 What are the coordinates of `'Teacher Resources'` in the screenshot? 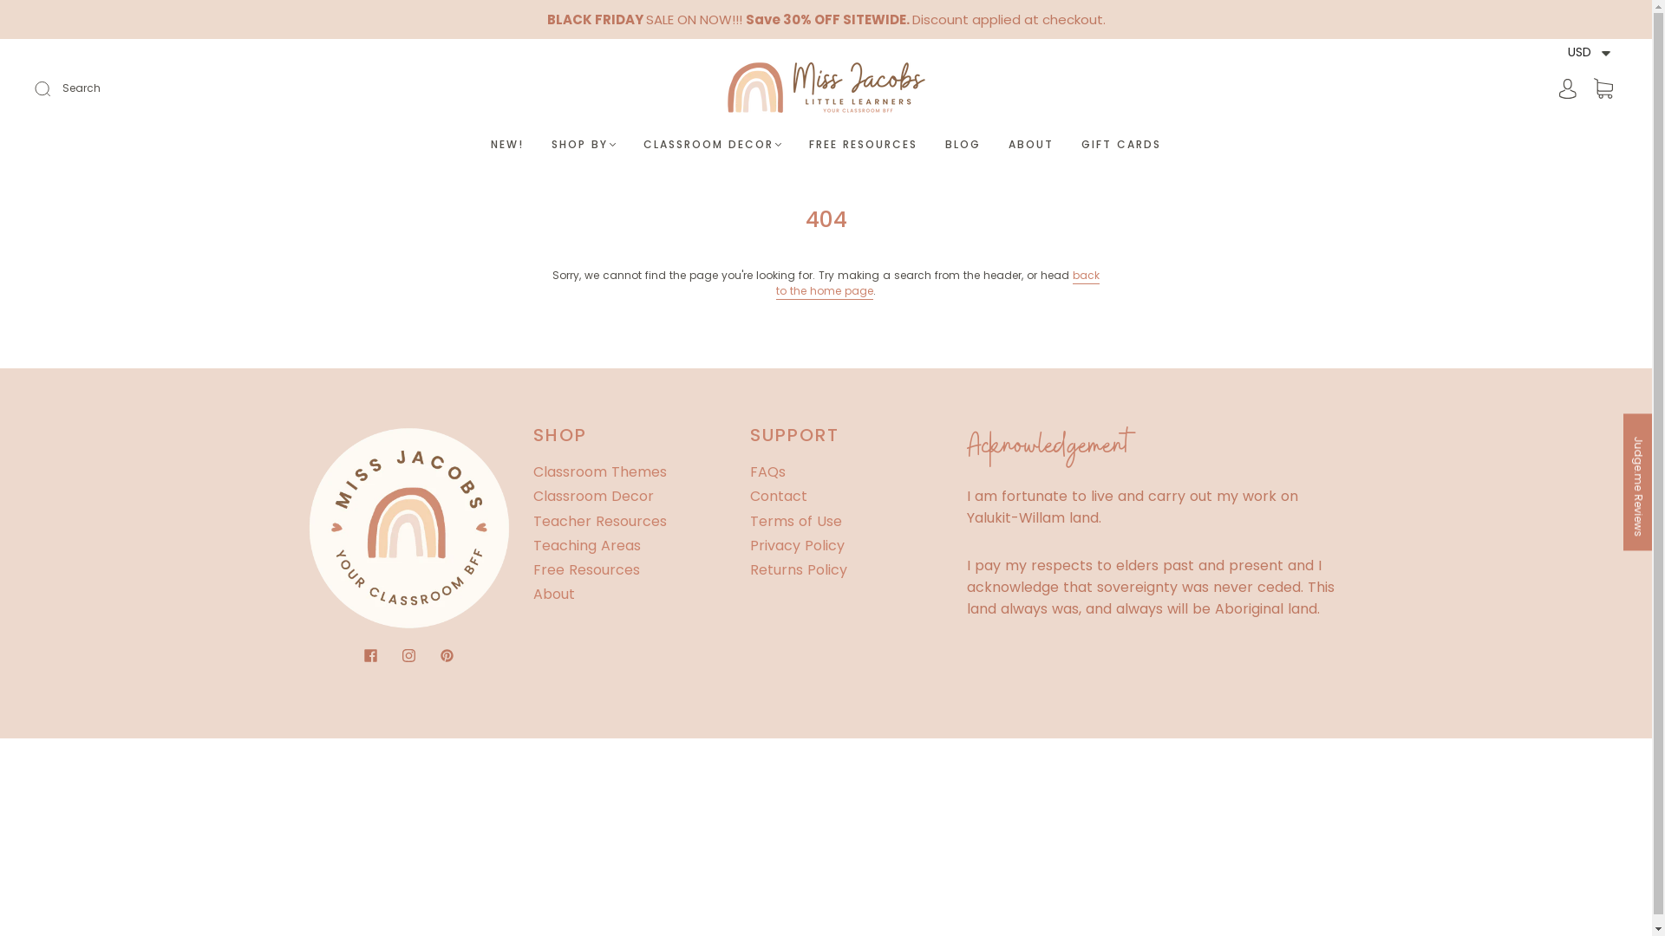 It's located at (599, 520).